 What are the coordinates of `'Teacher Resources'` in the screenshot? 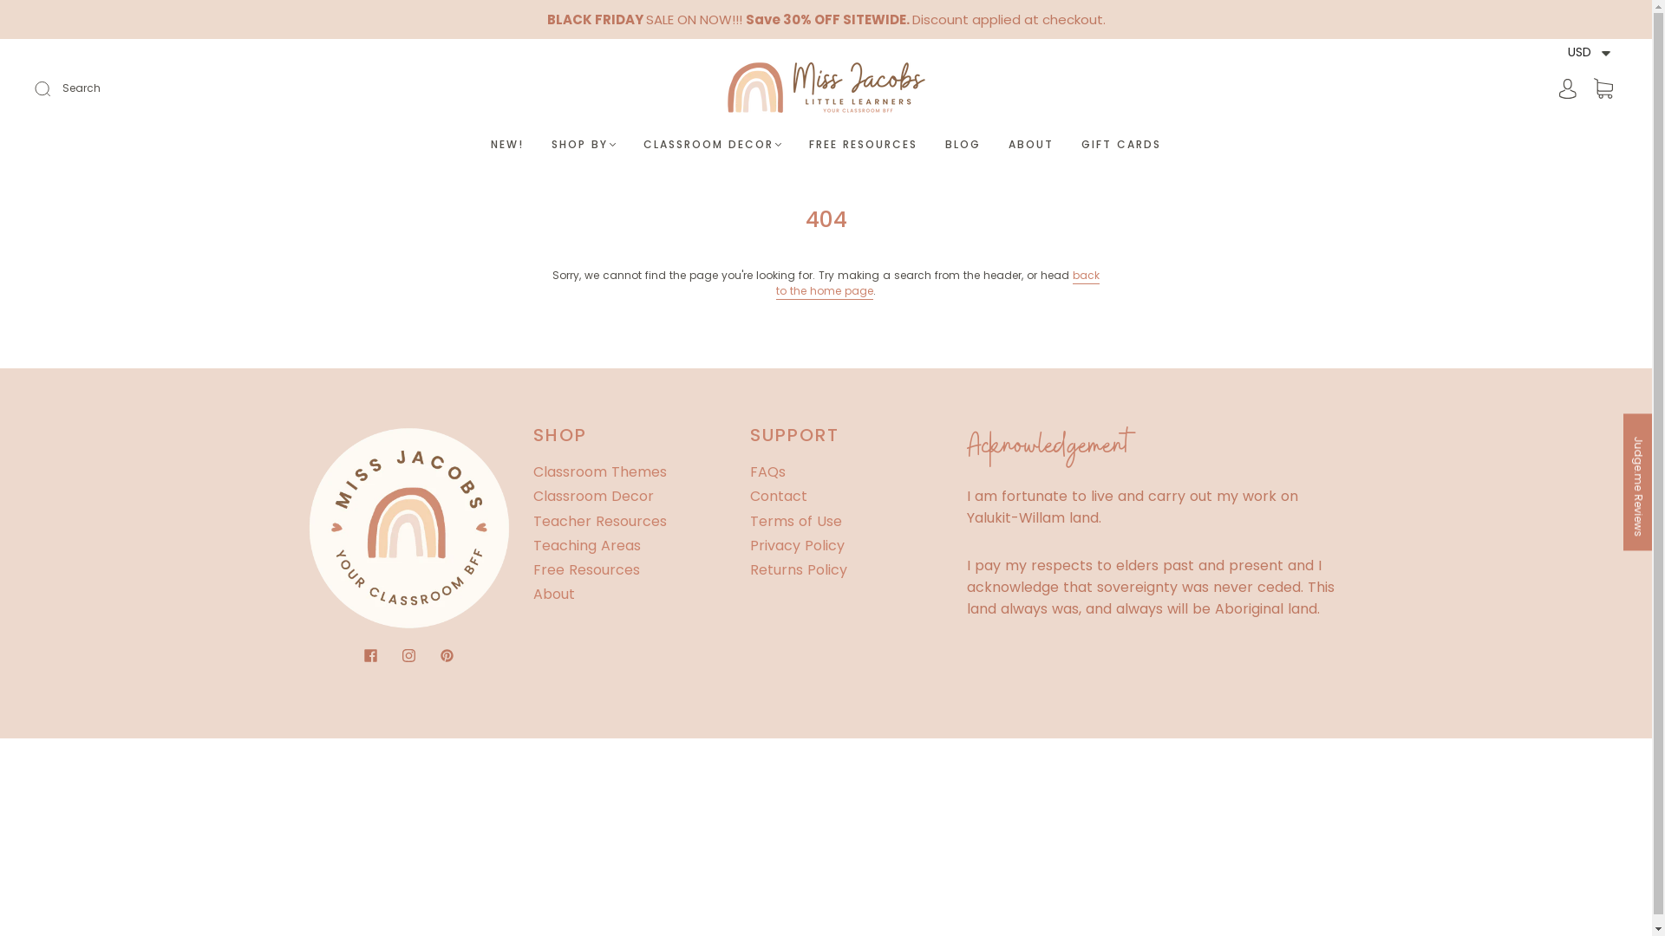 It's located at (599, 520).